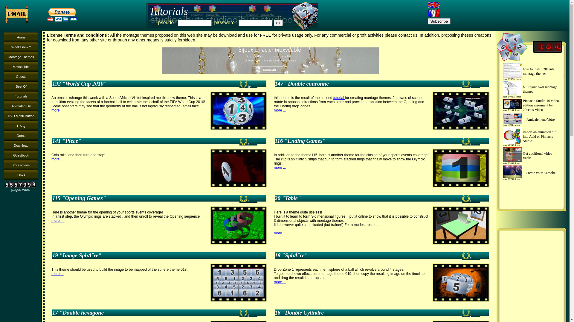 The image size is (574, 322). Describe the element at coordinates (21, 96) in the screenshot. I see `'Tutorials'` at that location.